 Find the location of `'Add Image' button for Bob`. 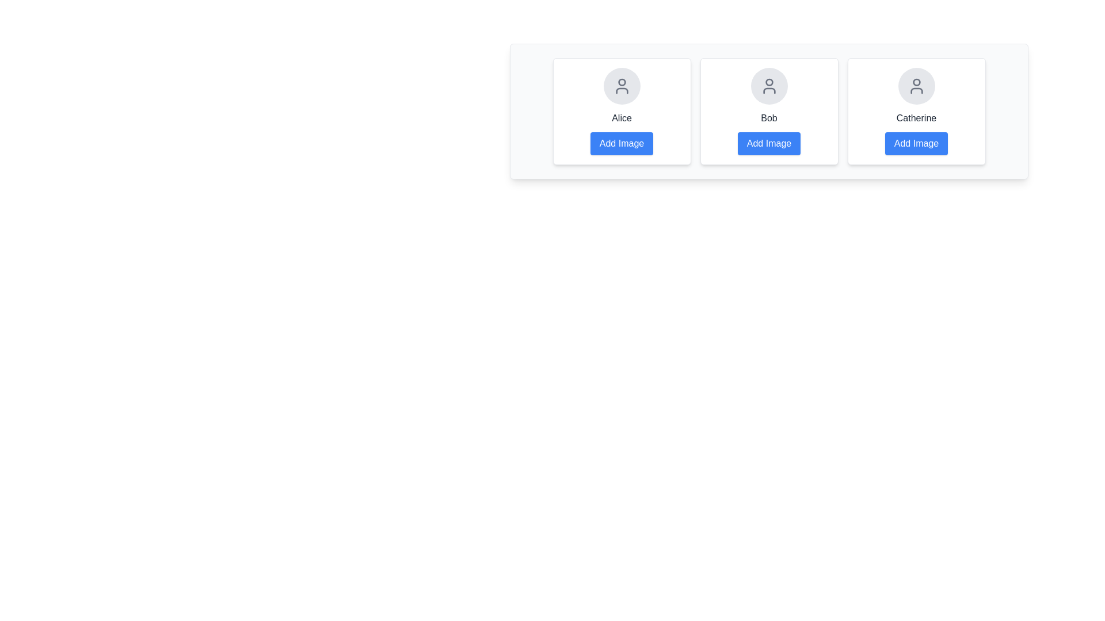

'Add Image' button for Bob is located at coordinates (768, 143).